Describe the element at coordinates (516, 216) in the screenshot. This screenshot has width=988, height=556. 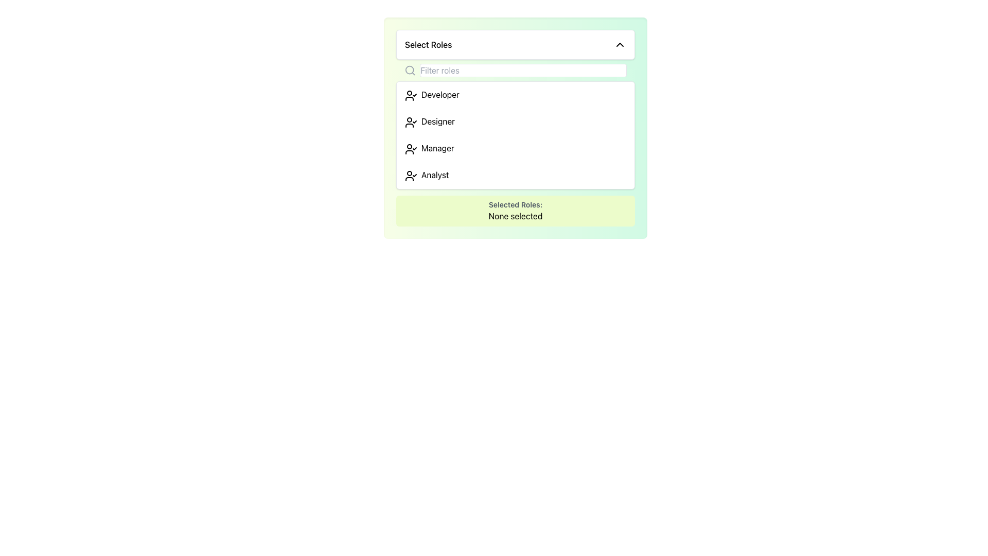
I see `the text display that informs the user that no roles have been selected, located within the highlighted box in the lower part of the role selection panel, centered horizontally after the 'Selected Roles:' label` at that location.